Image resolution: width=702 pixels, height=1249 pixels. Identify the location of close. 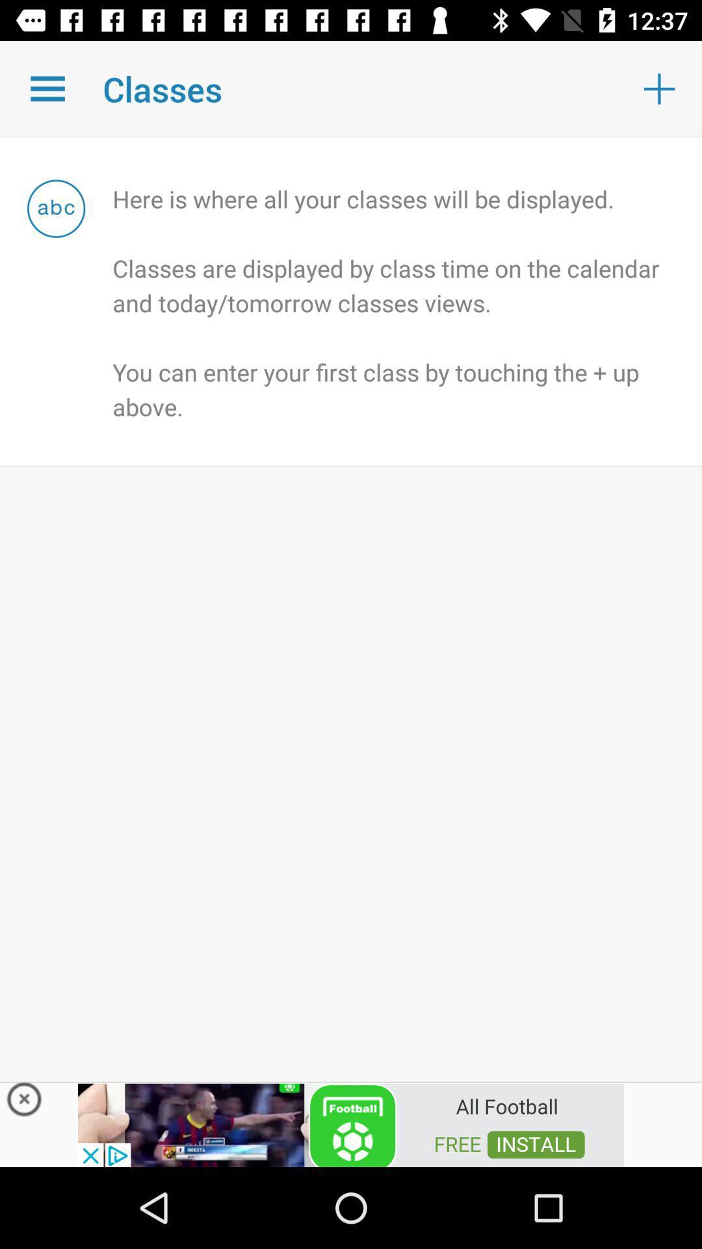
(24, 1102).